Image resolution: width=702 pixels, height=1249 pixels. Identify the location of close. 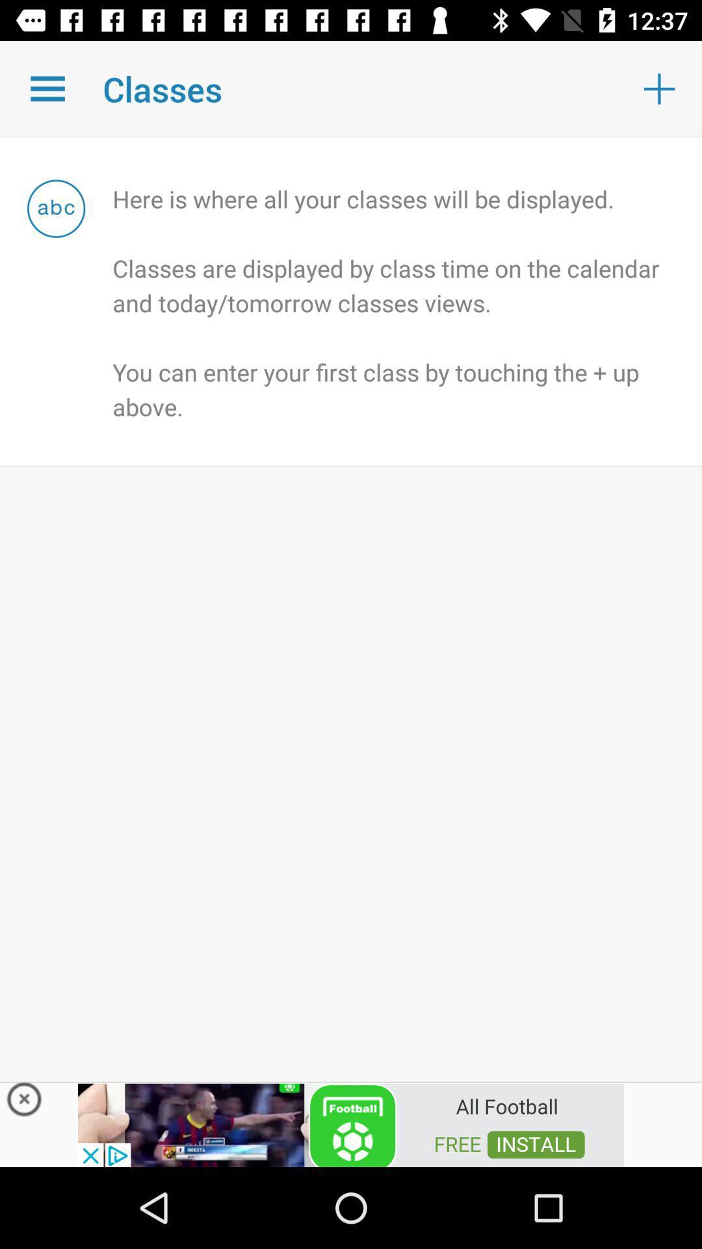
(24, 1102).